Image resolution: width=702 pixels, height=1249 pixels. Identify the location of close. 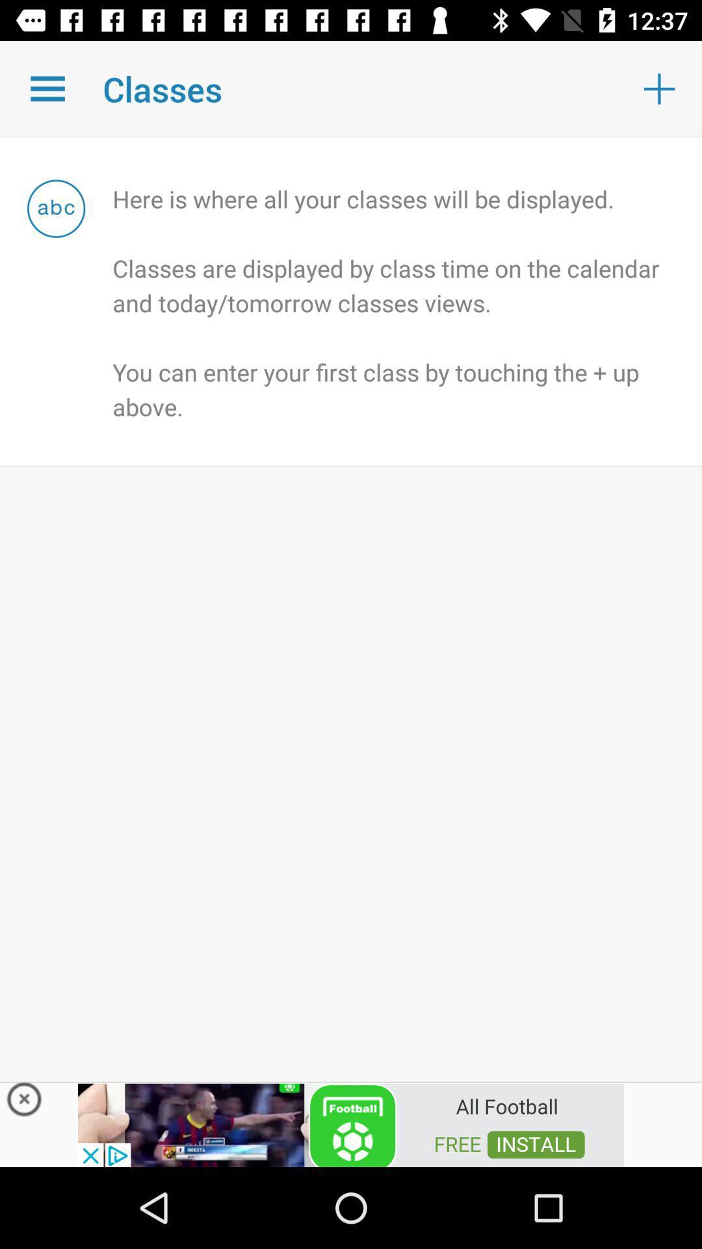
(24, 1102).